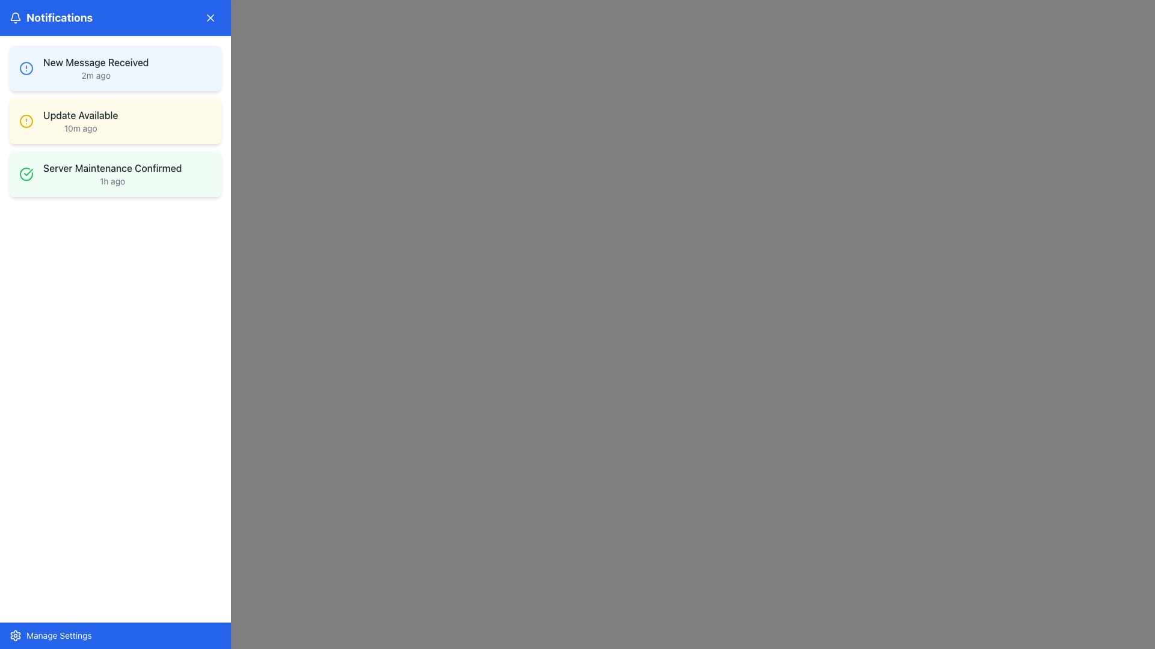 This screenshot has height=649, width=1155. What do you see at coordinates (211, 18) in the screenshot?
I see `the close button located in the top-right corner of the notification header` at bounding box center [211, 18].